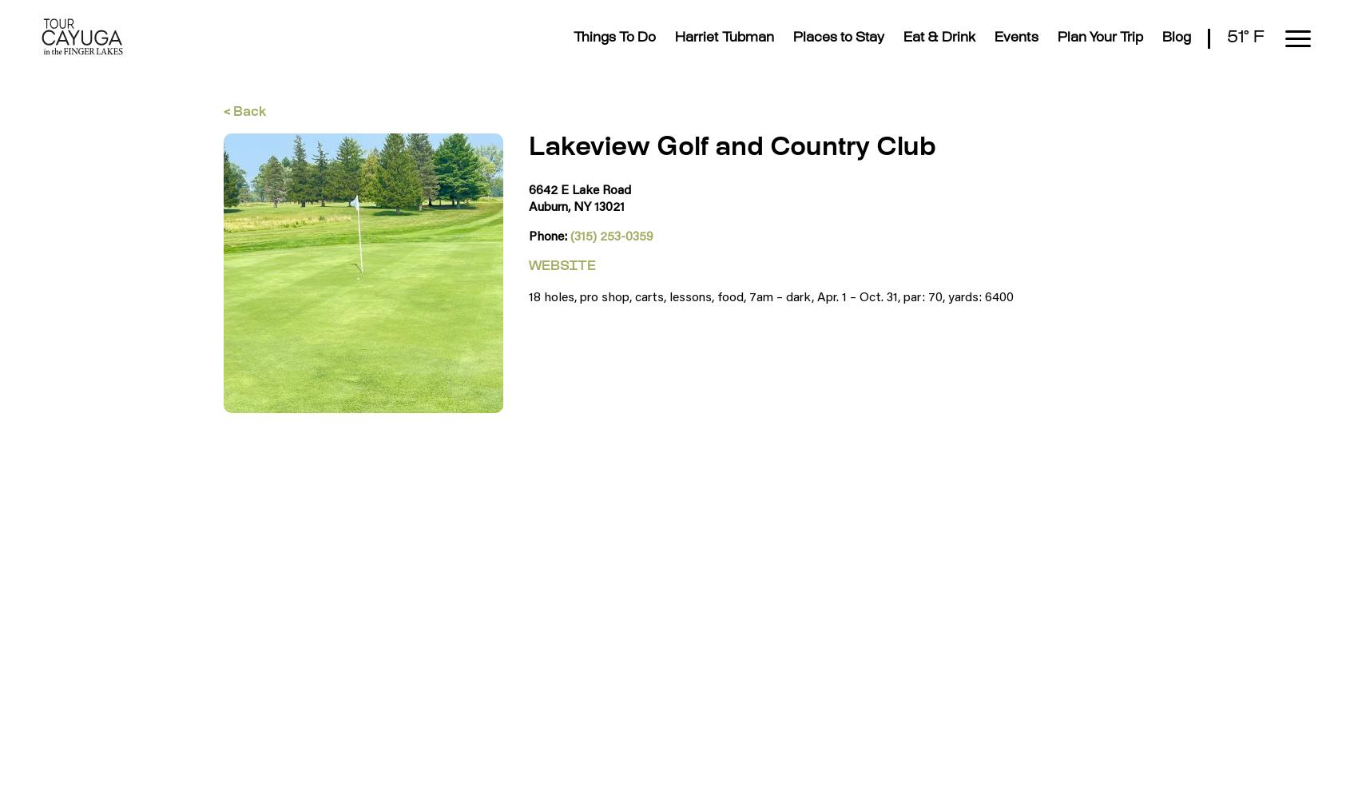 The height and width of the screenshot is (799, 1354). Describe the element at coordinates (575, 205) in the screenshot. I see `'Auburn, NY 13021'` at that location.